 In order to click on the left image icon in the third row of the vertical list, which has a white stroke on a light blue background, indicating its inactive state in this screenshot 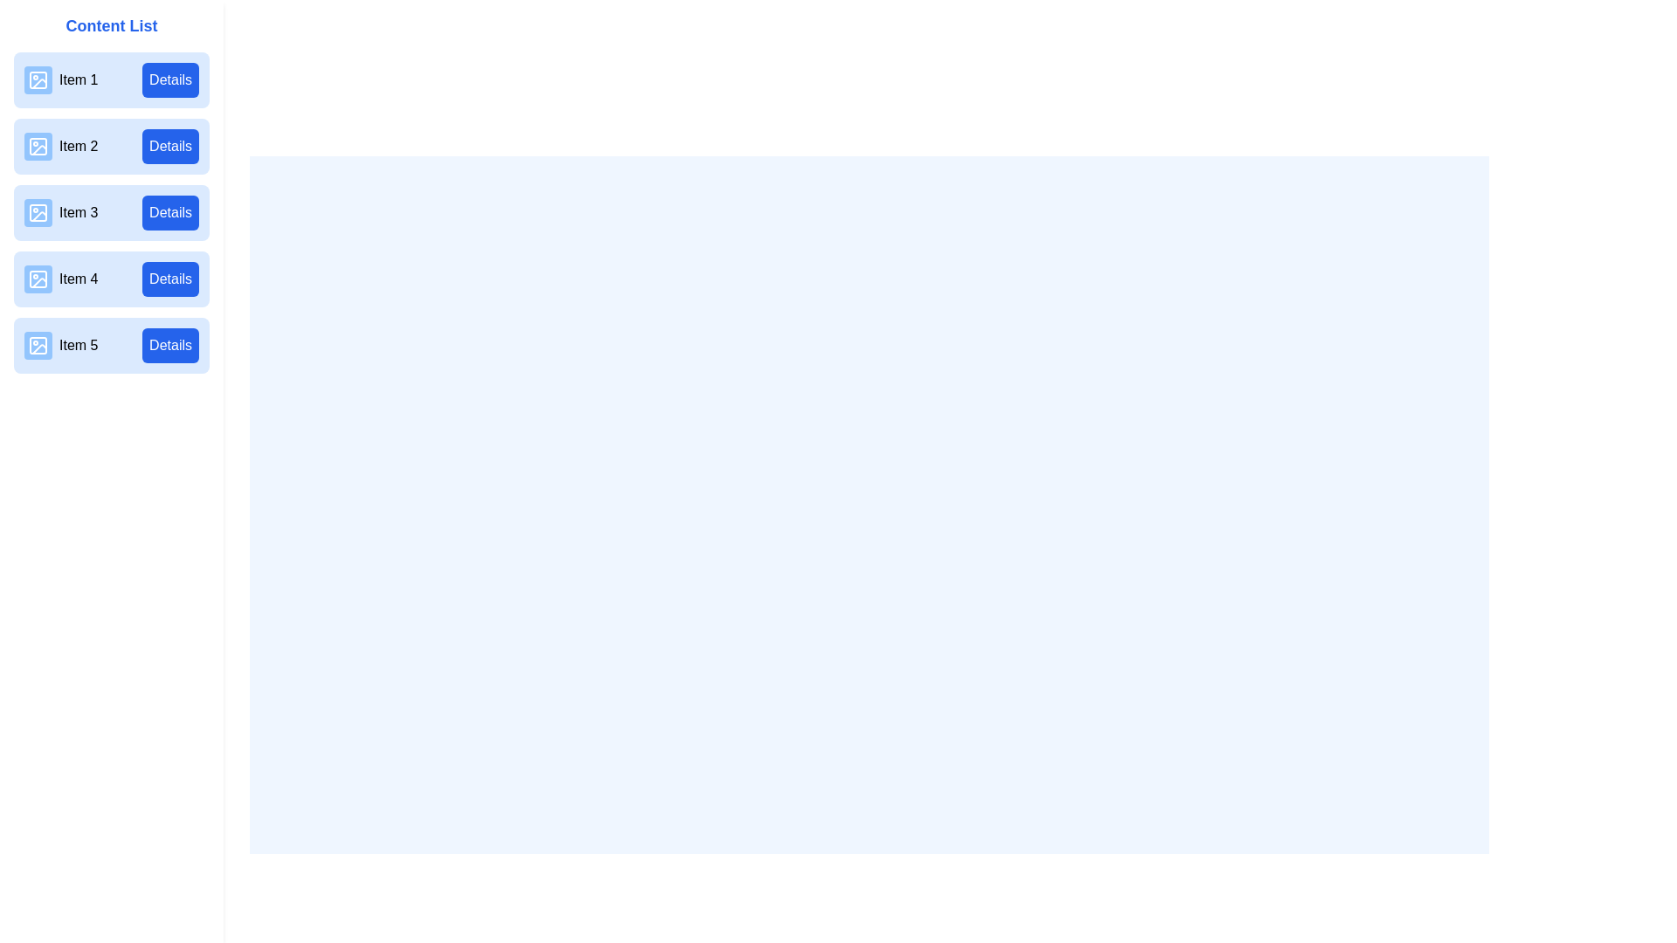, I will do `click(38, 211)`.